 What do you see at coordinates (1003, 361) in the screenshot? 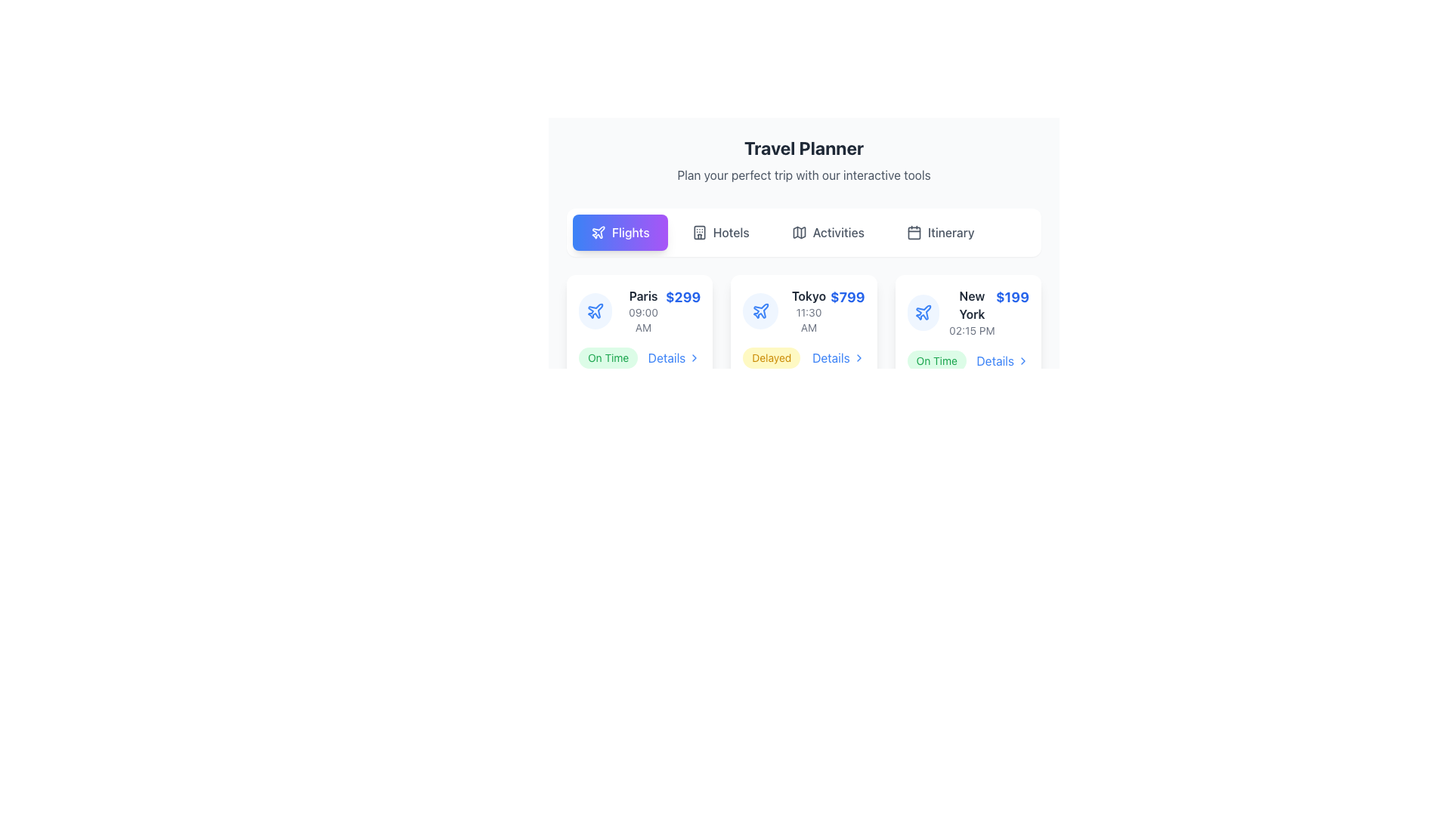
I see `the 'Details' text label in the third card of flight details to observe the color change effect` at bounding box center [1003, 361].